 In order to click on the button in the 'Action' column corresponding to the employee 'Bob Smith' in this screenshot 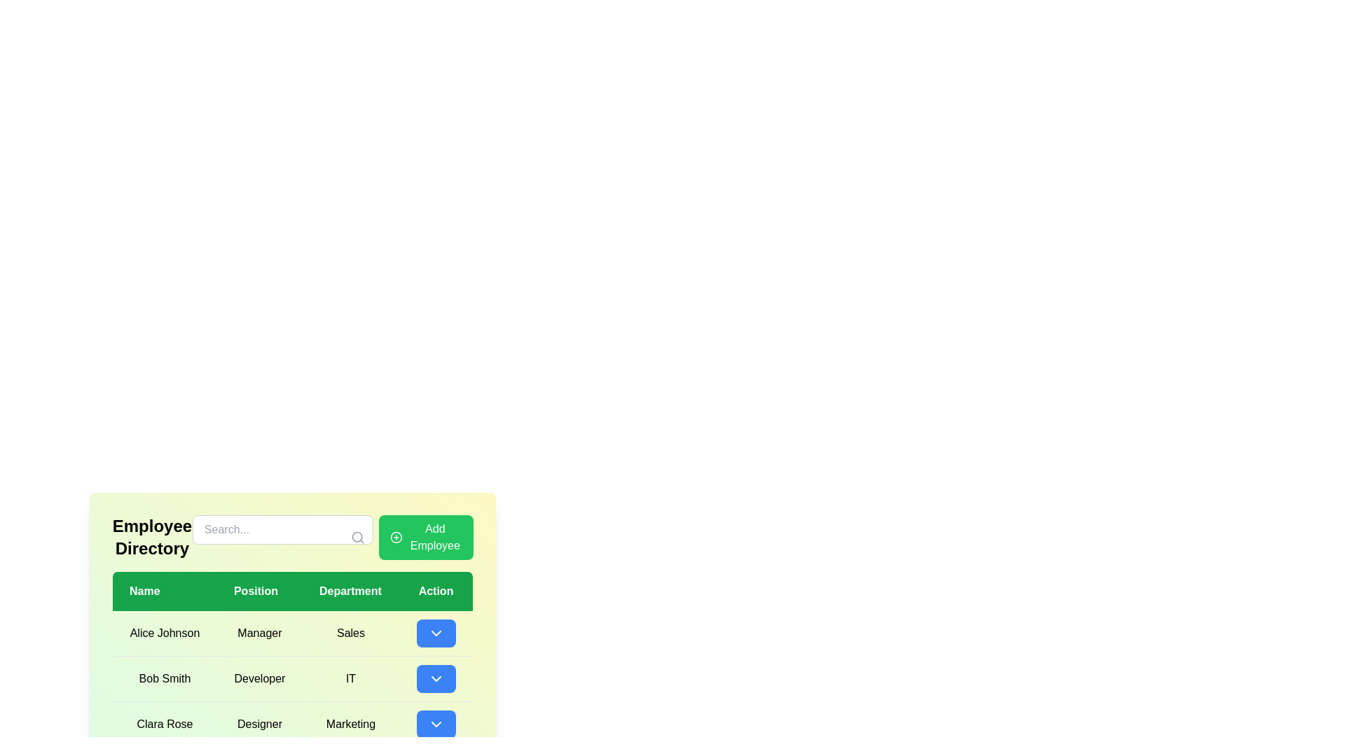, I will do `click(435, 678)`.